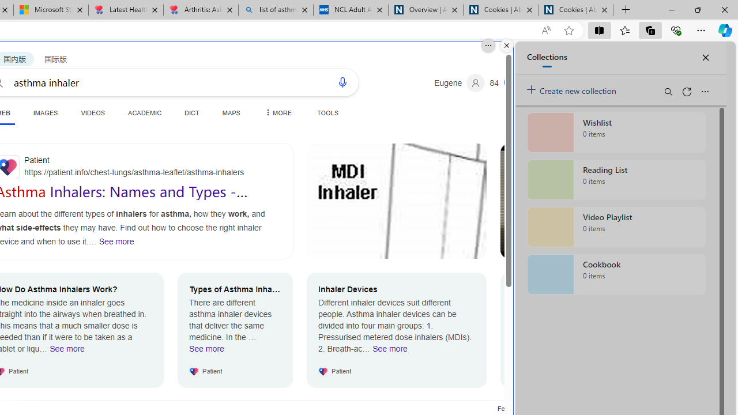 Image resolution: width=738 pixels, height=415 pixels. I want to click on 'DICT', so click(192, 112).